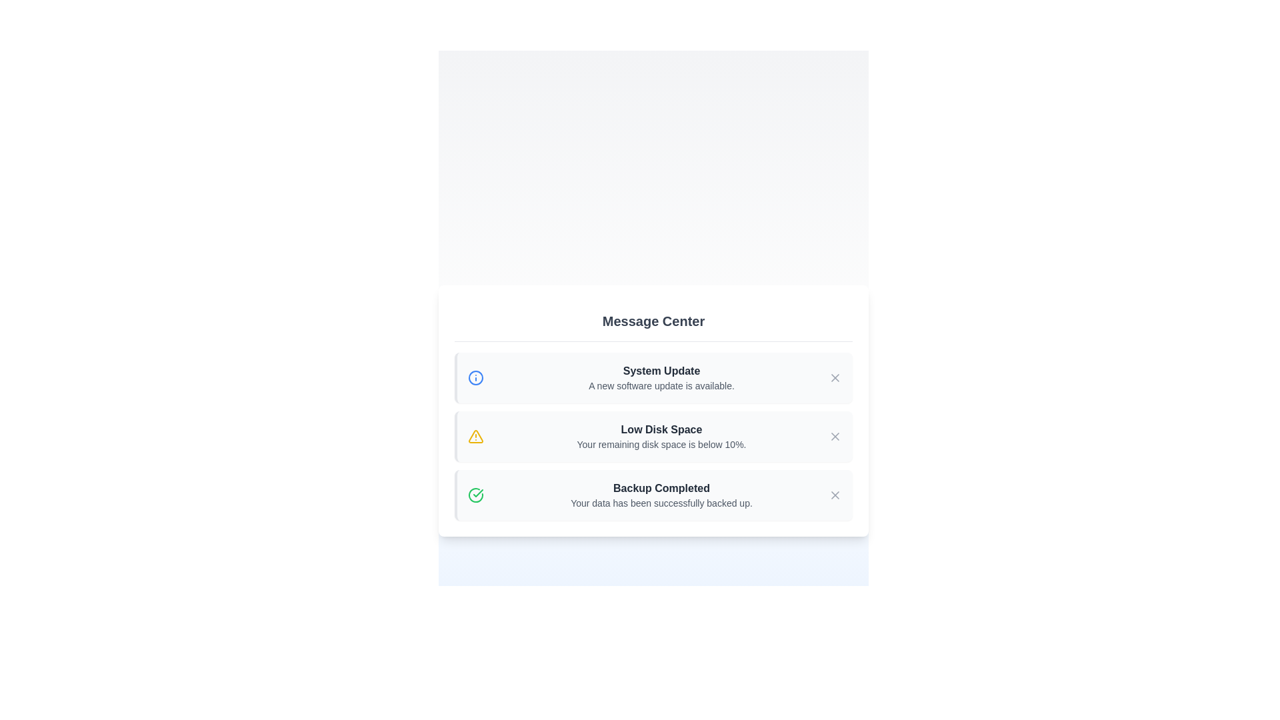 Image resolution: width=1280 pixels, height=720 pixels. Describe the element at coordinates (661, 429) in the screenshot. I see `the bolded primary headline text label in the notification panel that alerts the user about low disk space` at that location.